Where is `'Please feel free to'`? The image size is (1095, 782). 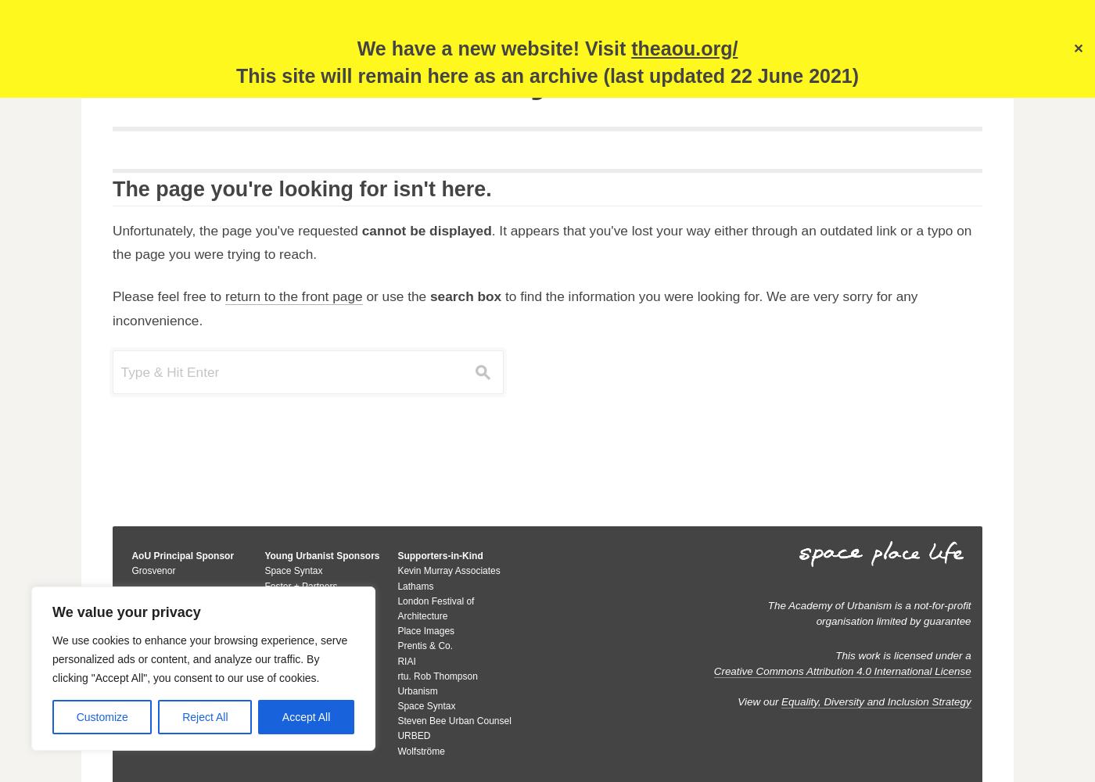
'Please feel free to' is located at coordinates (168, 296).